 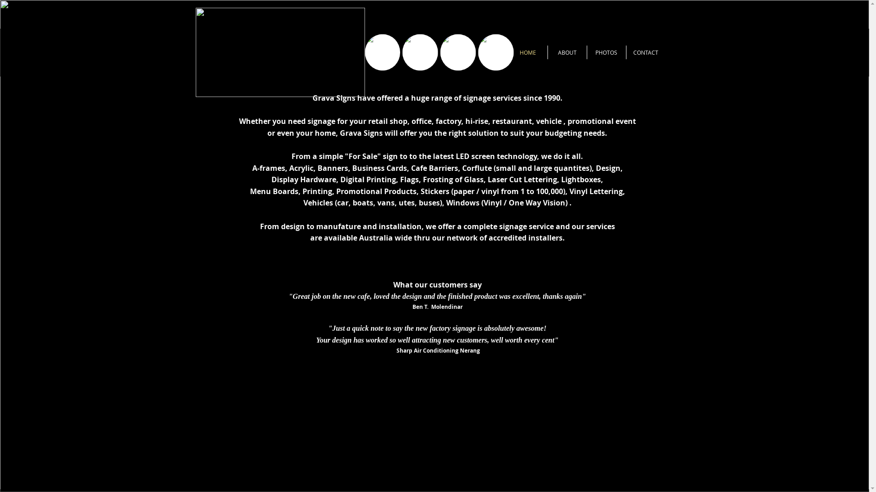 What do you see at coordinates (566, 52) in the screenshot?
I see `'ABOUT'` at bounding box center [566, 52].